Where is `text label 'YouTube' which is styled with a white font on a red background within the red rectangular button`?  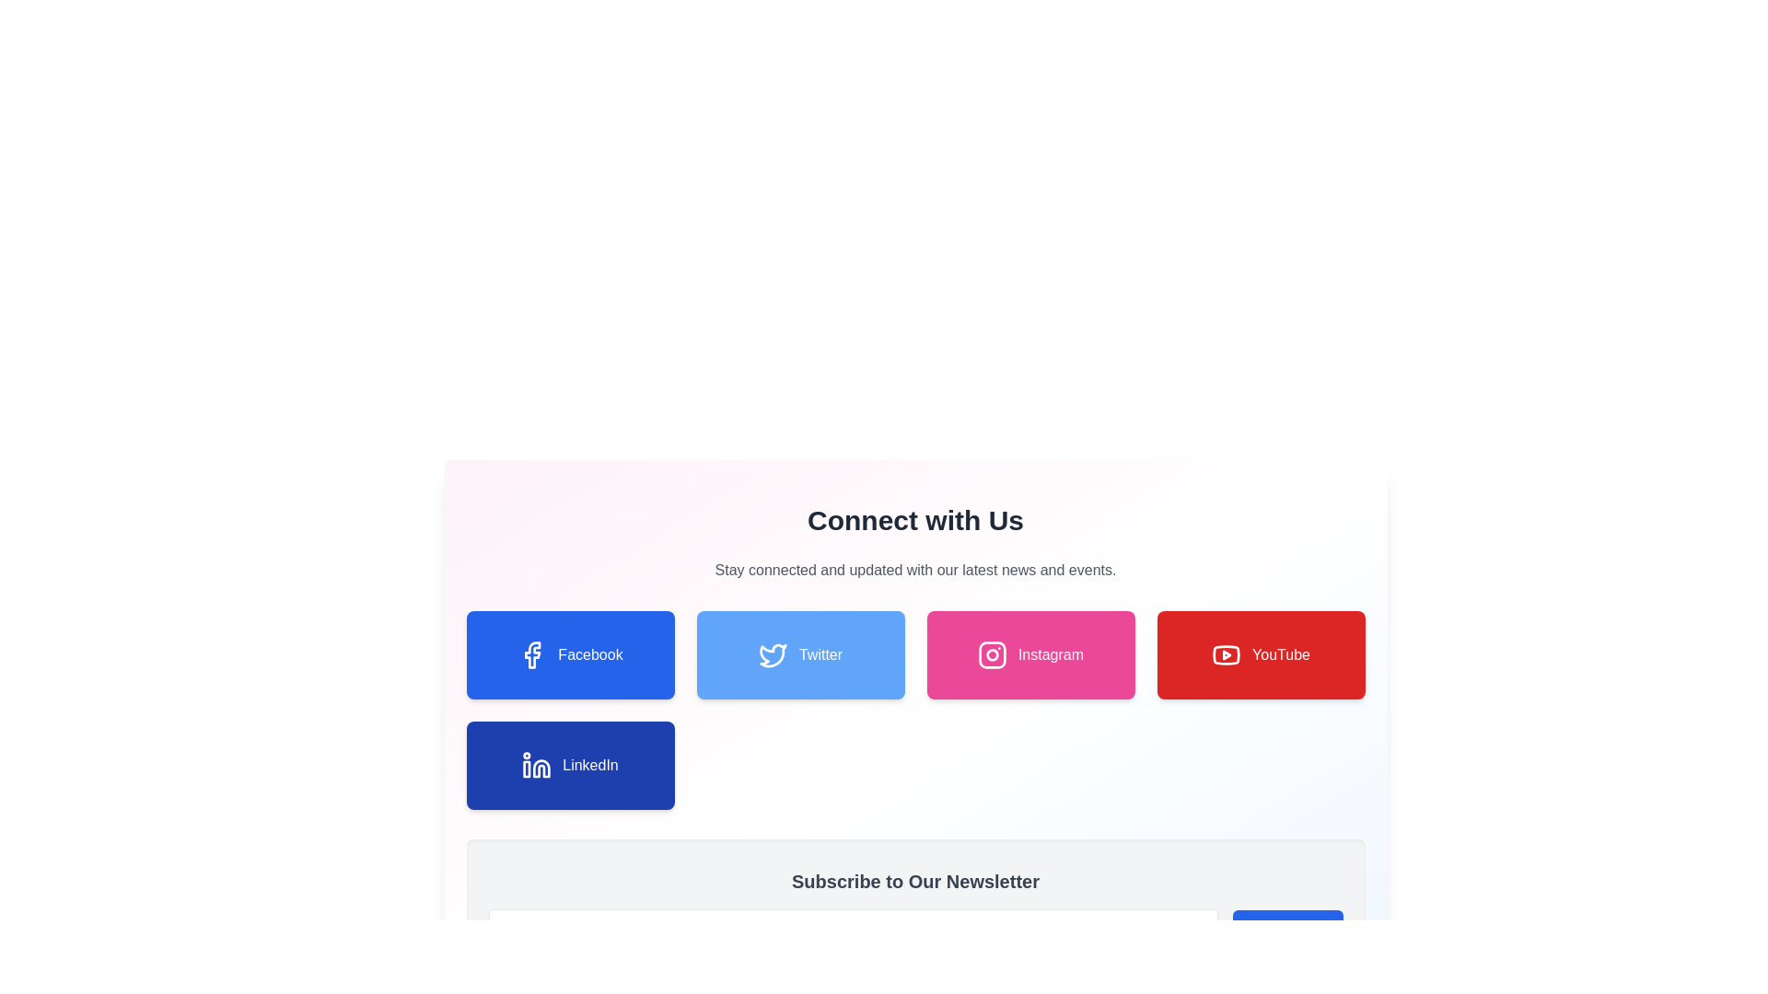 text label 'YouTube' which is styled with a white font on a red background within the red rectangular button is located at coordinates (1280, 654).